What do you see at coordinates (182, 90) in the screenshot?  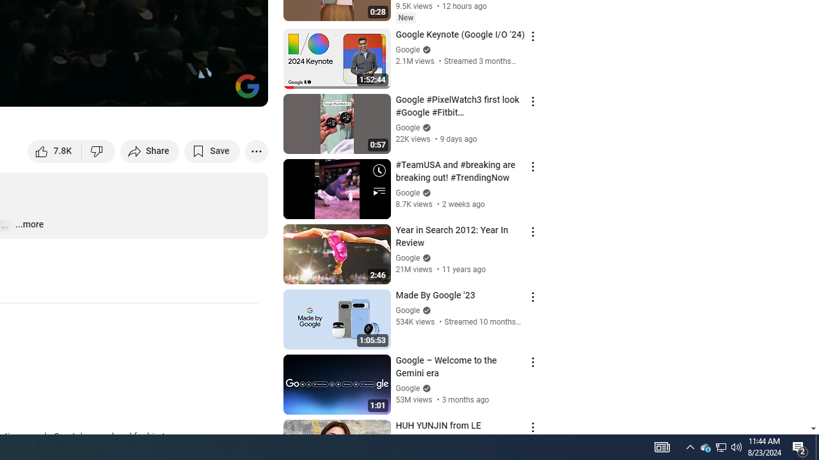 I see `'Miniplayer (i)'` at bounding box center [182, 90].